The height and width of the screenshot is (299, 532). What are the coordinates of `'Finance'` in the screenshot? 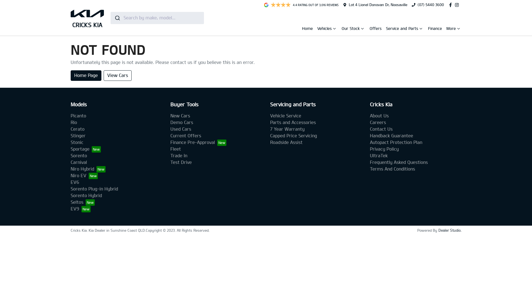 It's located at (428, 28).